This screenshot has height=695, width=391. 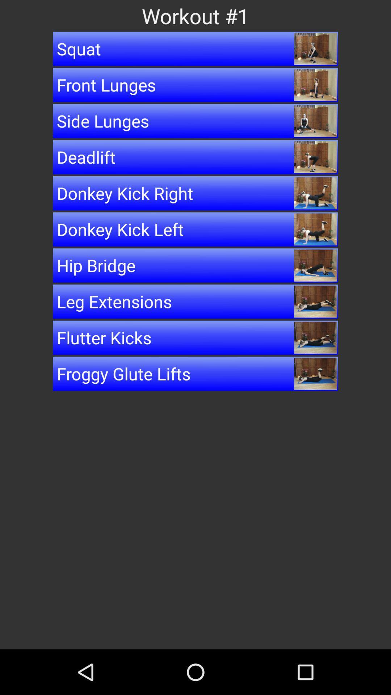 I want to click on the app below the workout #1 app, so click(x=195, y=48).